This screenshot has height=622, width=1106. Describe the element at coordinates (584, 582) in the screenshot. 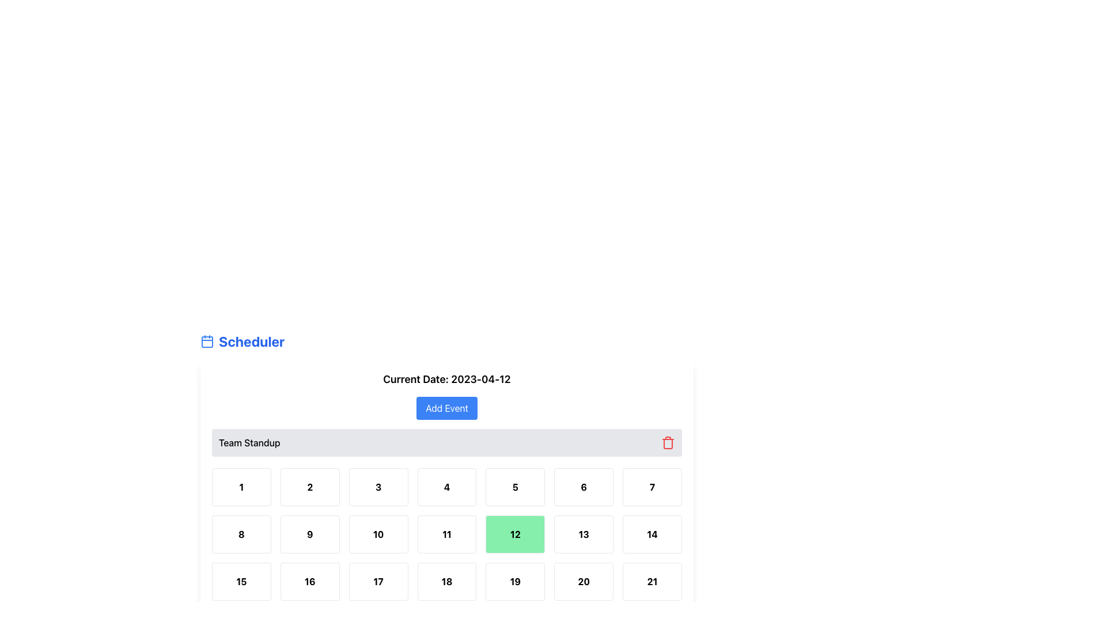

I see `the square button displaying the text '20', which has a white background, a black bold font, and a gray border` at that location.